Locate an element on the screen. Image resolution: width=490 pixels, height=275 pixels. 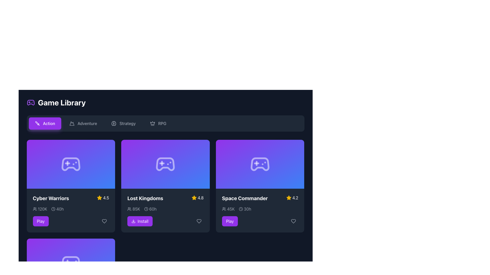
the 'Adventure' SVG Icon located in the navigation bar, which is the second option from the left is located at coordinates (71, 123).